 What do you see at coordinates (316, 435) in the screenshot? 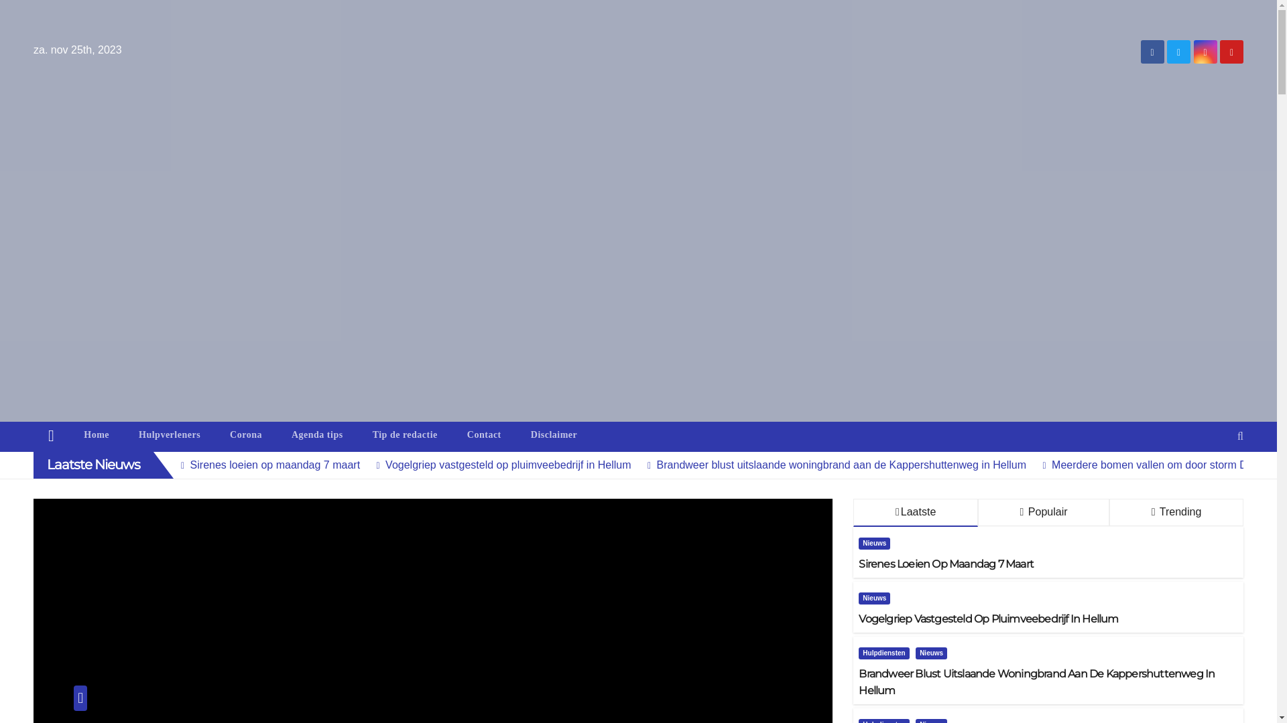
I see `'Agenda tips'` at bounding box center [316, 435].